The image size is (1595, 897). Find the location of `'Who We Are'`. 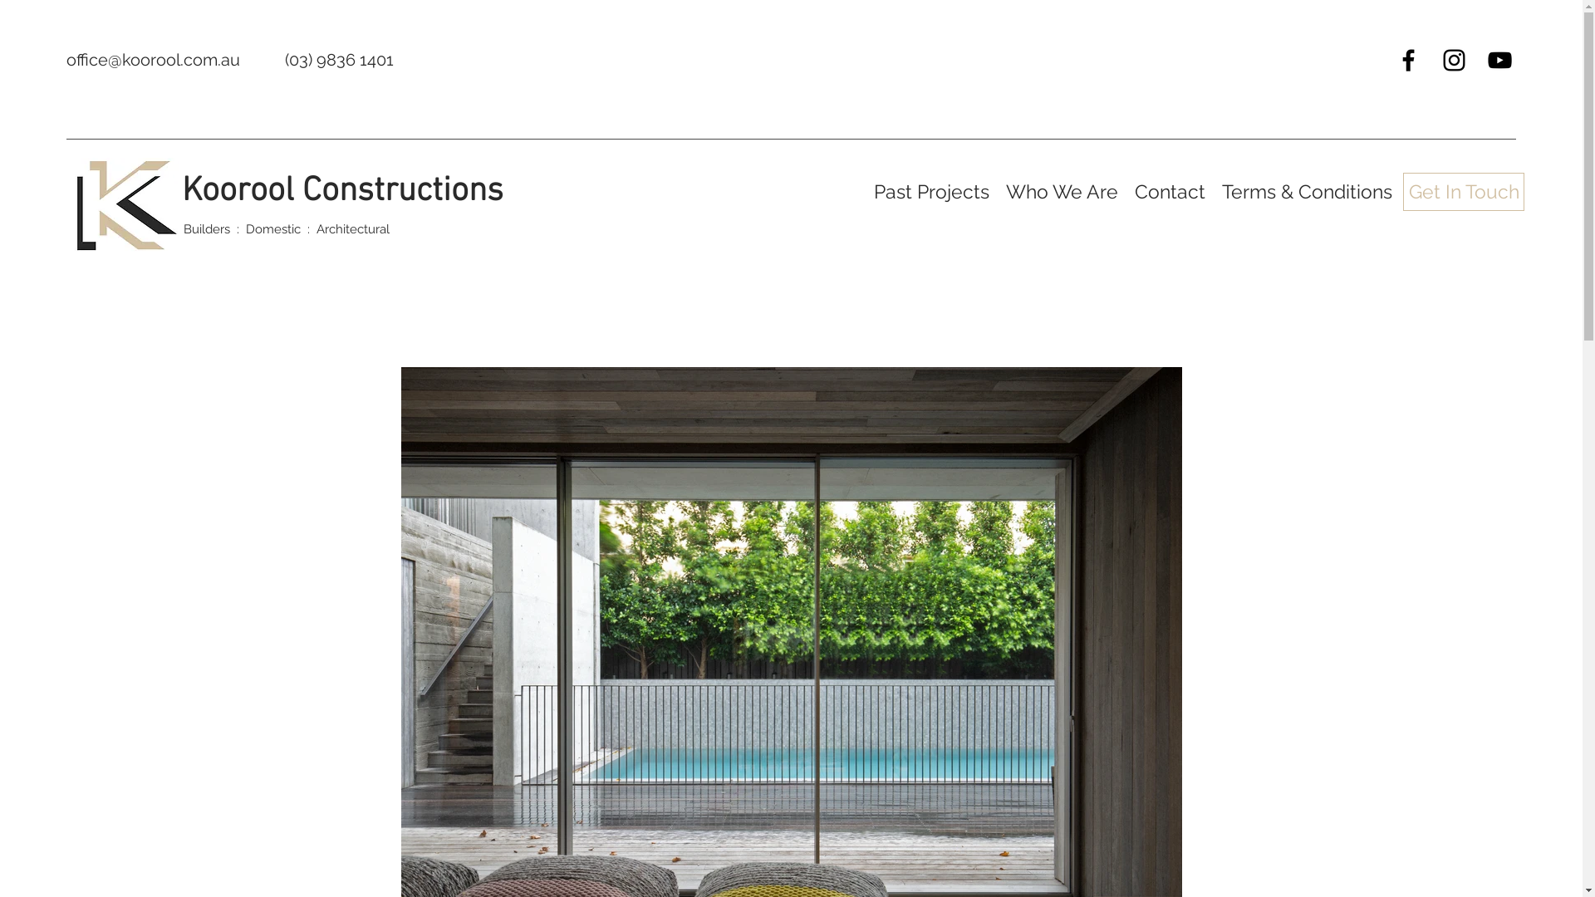

'Who We Are' is located at coordinates (1061, 190).